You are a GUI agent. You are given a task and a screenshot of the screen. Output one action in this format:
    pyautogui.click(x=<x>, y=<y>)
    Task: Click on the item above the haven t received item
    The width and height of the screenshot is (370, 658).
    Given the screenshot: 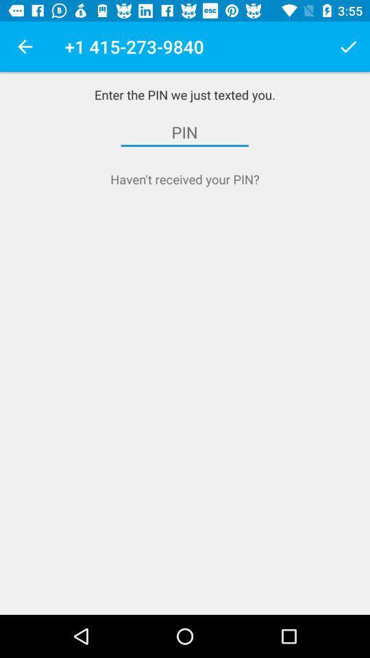 What is the action you would take?
    pyautogui.click(x=184, y=132)
    